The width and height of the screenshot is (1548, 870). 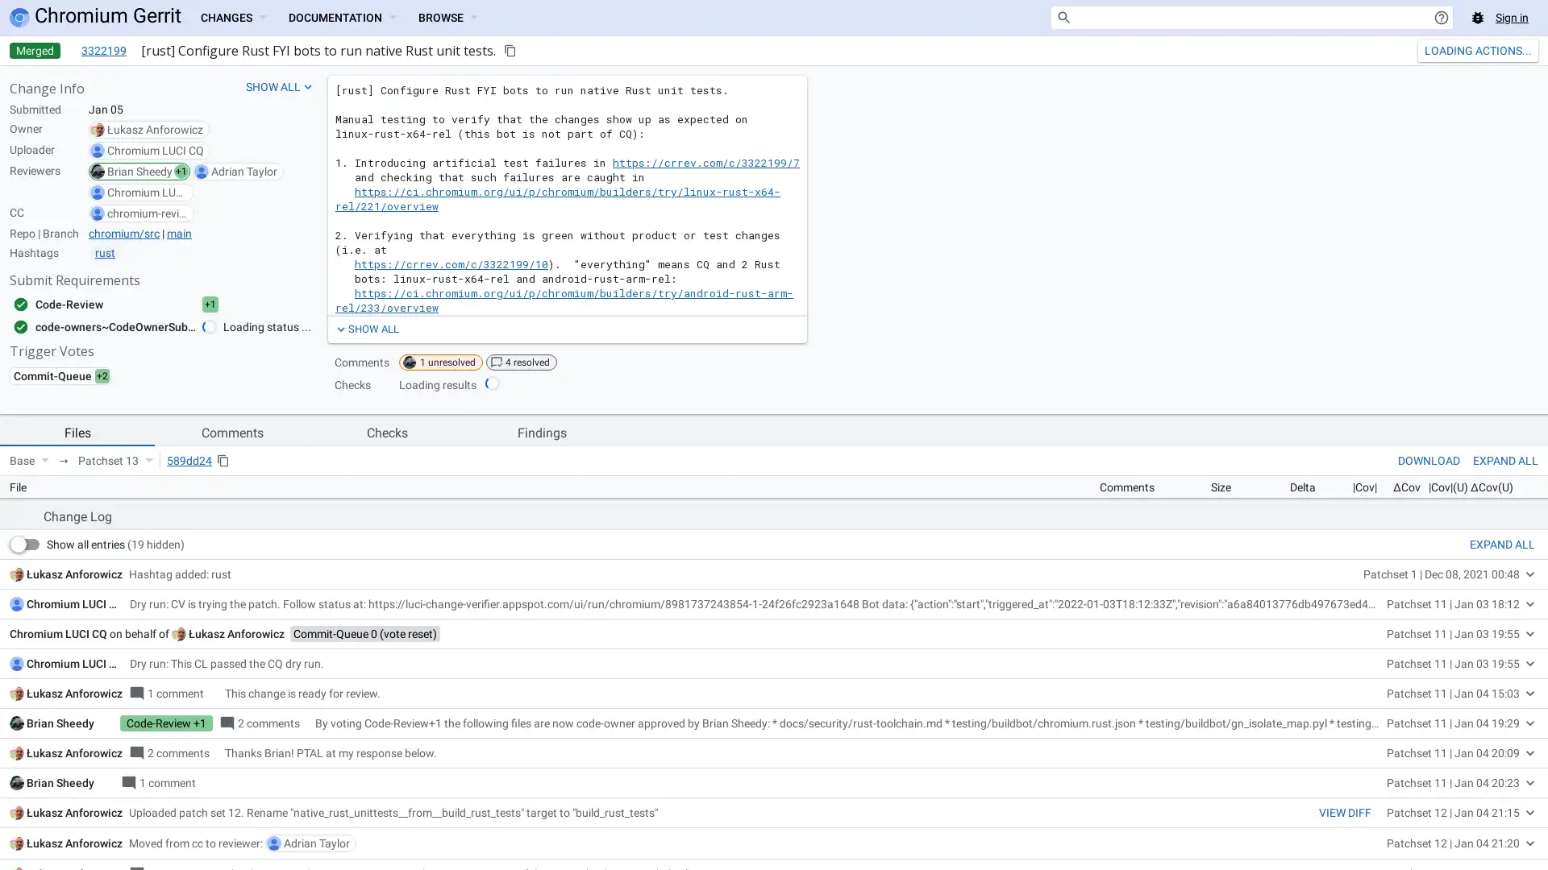 I want to click on satisfied Code-Review +1, so click(x=131, y=304).